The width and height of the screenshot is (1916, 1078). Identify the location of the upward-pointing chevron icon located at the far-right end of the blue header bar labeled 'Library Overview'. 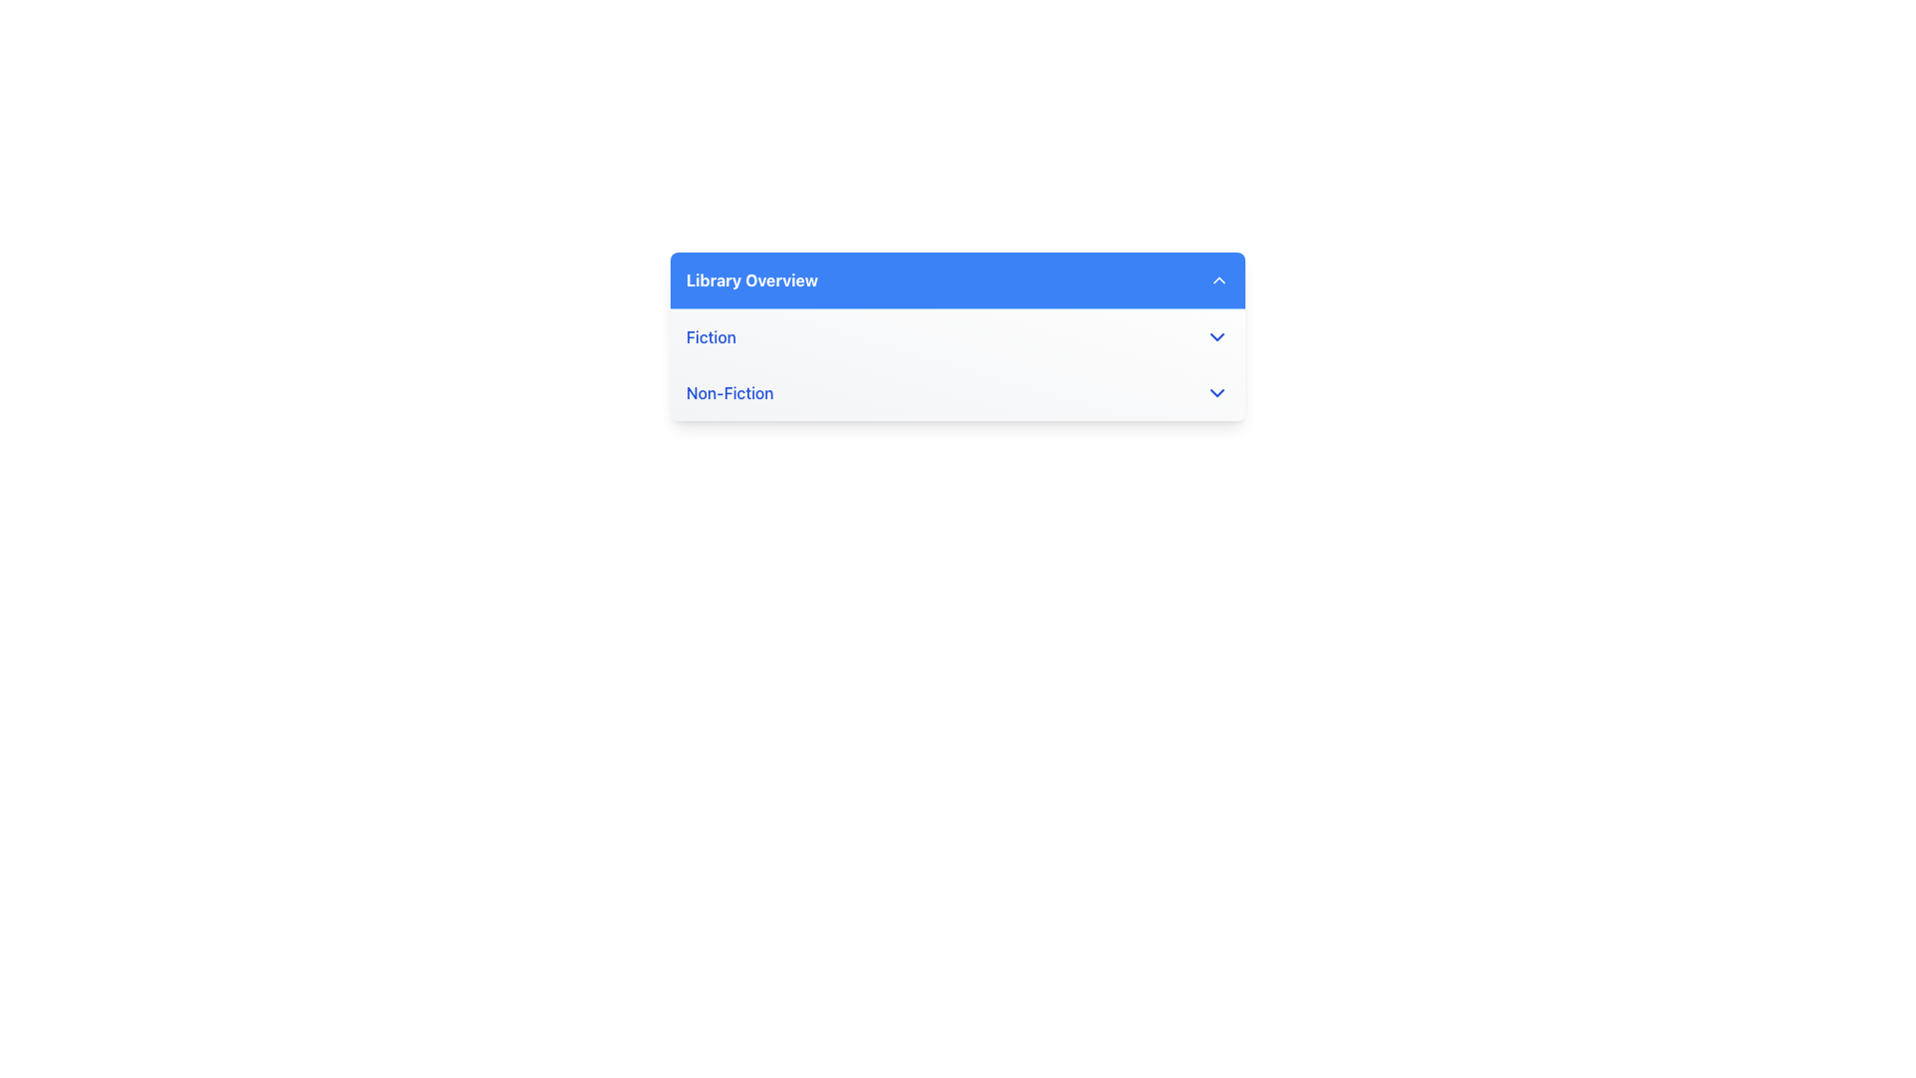
(1218, 280).